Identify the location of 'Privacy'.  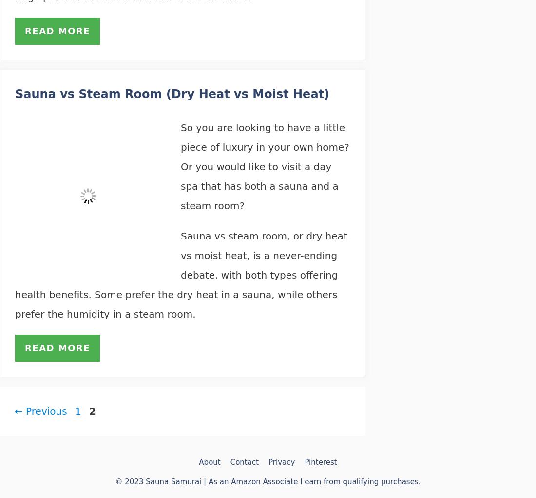
(281, 461).